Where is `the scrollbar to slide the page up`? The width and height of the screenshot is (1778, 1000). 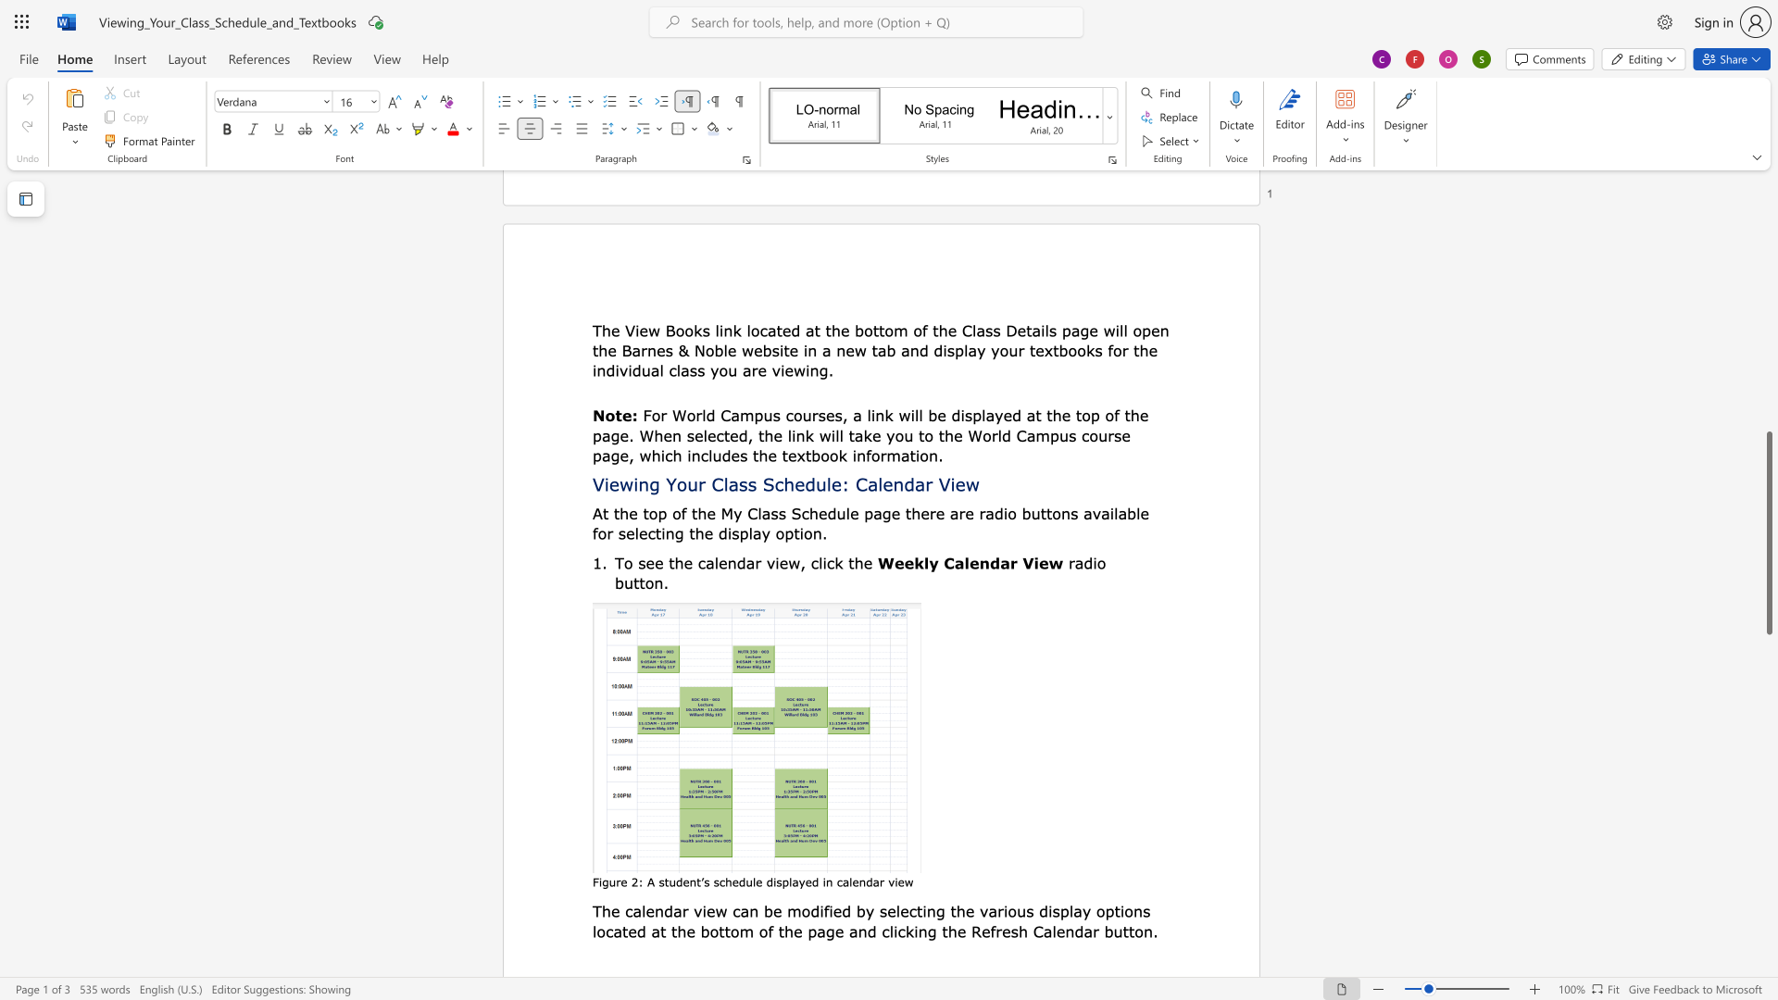
the scrollbar to slide the page up is located at coordinates (1768, 278).